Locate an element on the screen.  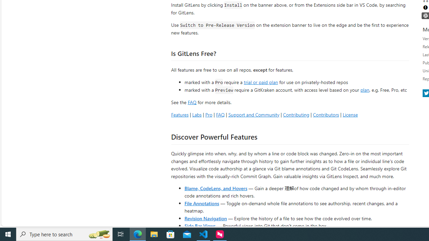
'File Explorer' is located at coordinates (154, 234).